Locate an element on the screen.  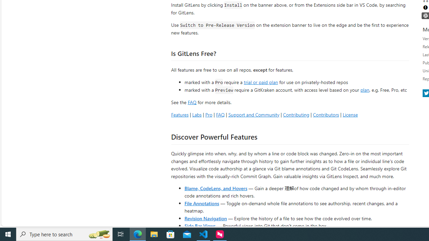
'File Explorer' is located at coordinates (154, 234).